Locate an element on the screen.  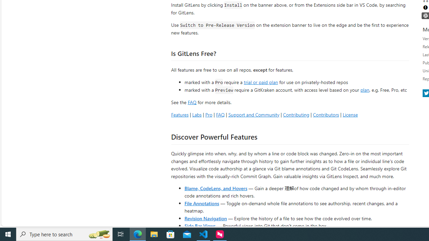
'File Explorer' is located at coordinates (154, 234).